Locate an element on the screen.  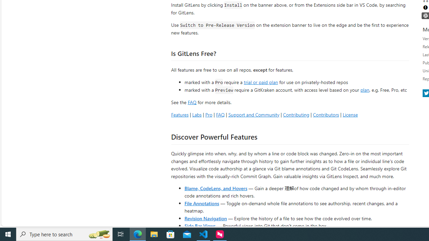
'File Explorer' is located at coordinates (154, 234).